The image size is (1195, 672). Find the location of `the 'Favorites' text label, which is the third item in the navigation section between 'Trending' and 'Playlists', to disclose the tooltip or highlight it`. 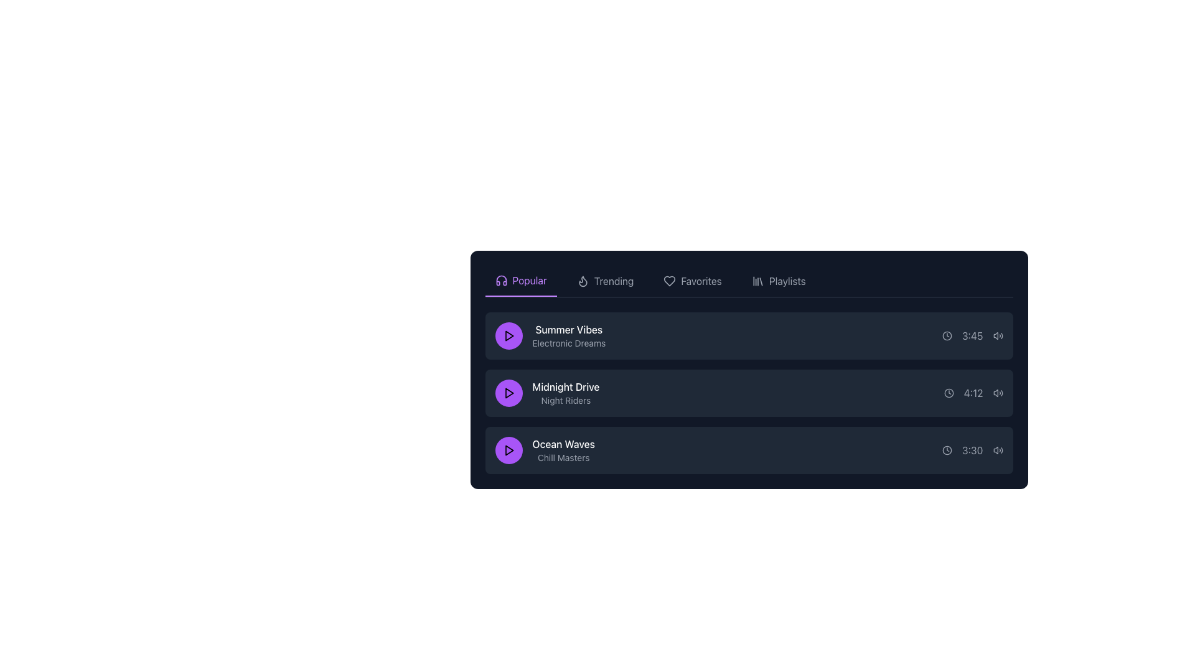

the 'Favorites' text label, which is the third item in the navigation section between 'Trending' and 'Playlists', to disclose the tooltip or highlight it is located at coordinates (701, 281).